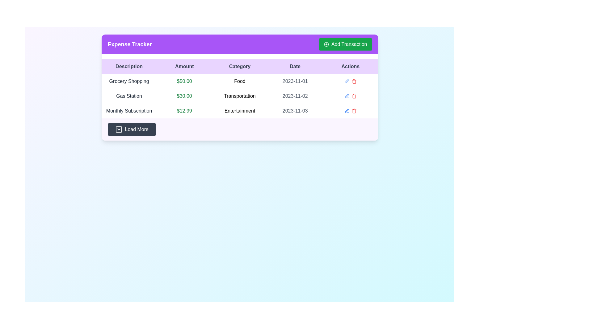  What do you see at coordinates (184, 81) in the screenshot?
I see `the static text displaying the monetary amount for the 'Grocery Shopping' entry, which is located in the 'Amount' column of the first row of a table` at bounding box center [184, 81].